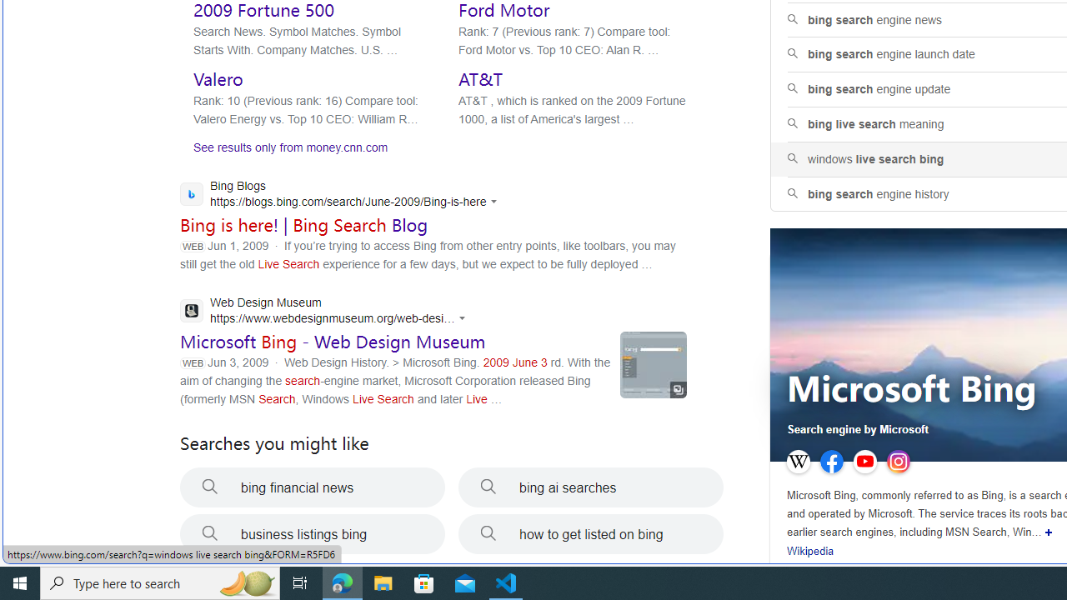 The image size is (1067, 600). Describe the element at coordinates (342, 195) in the screenshot. I see `'Bing Blogs'` at that location.